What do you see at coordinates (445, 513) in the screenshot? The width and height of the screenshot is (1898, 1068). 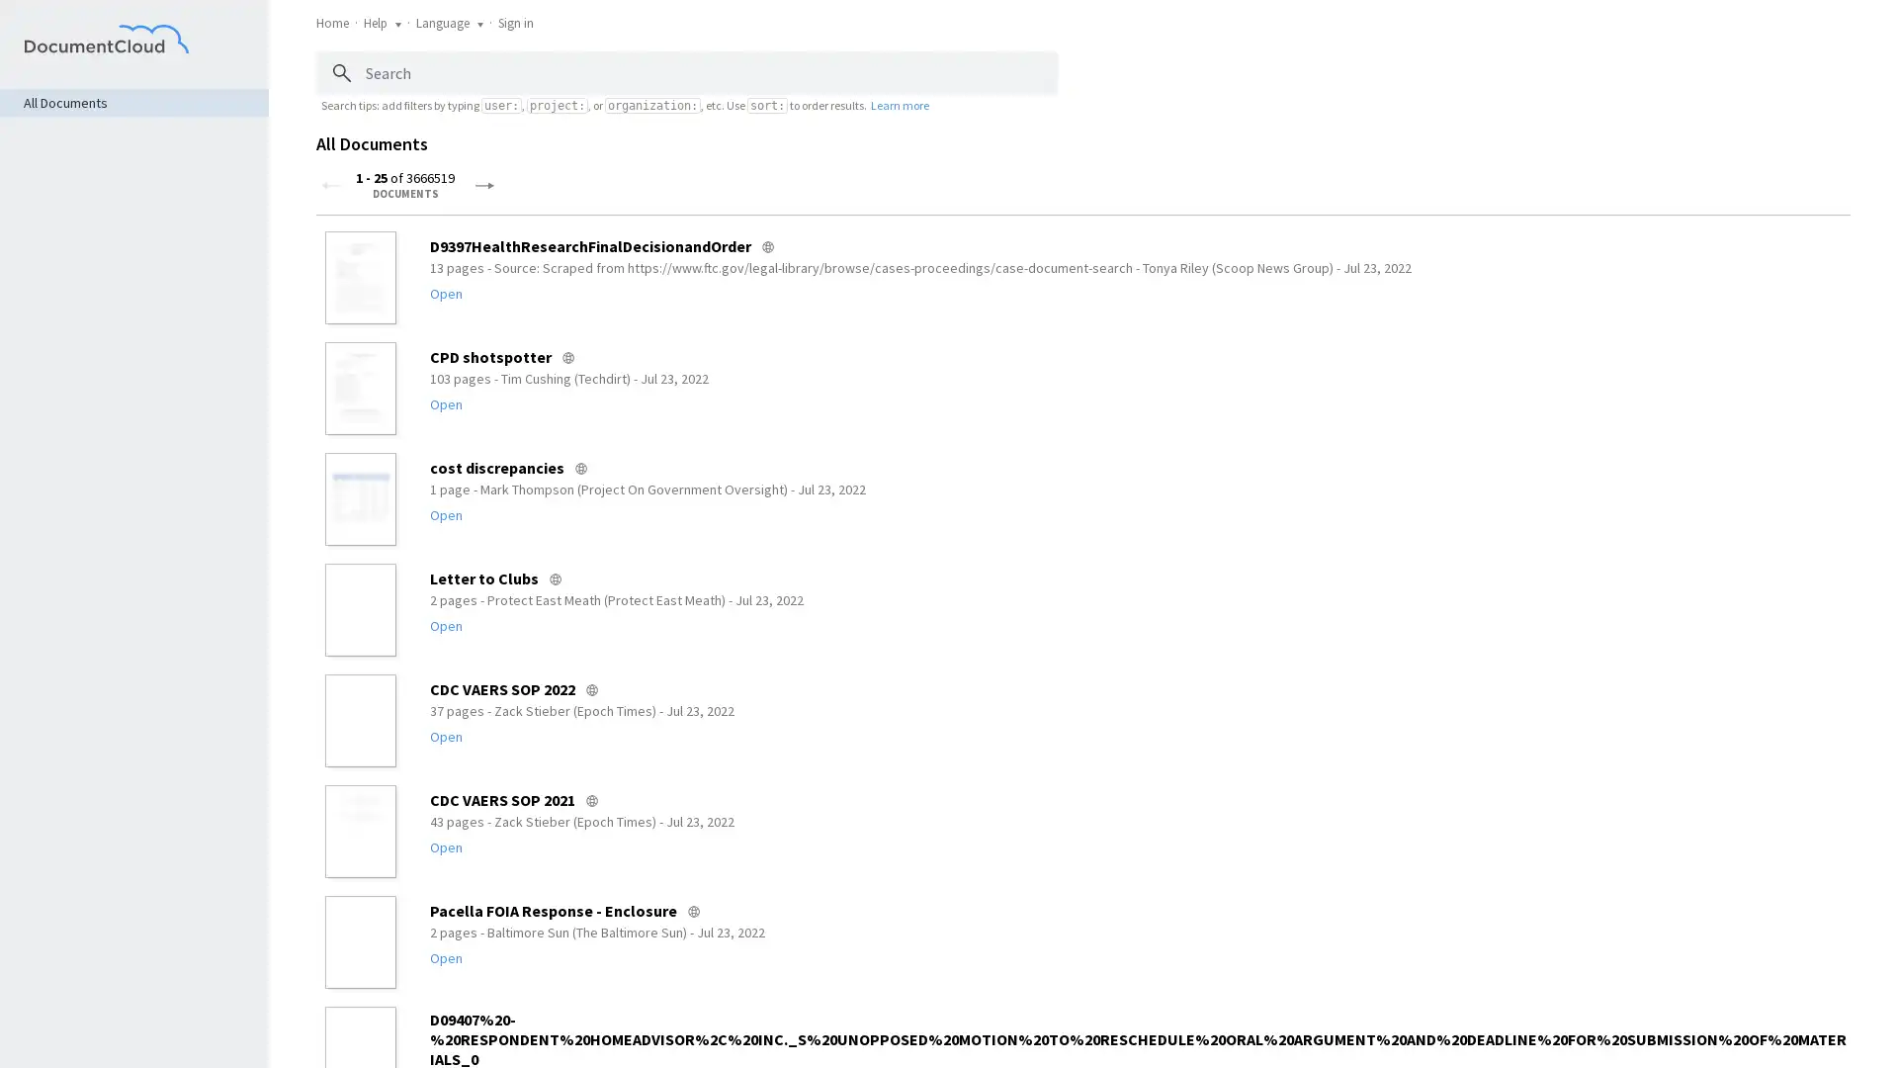 I see `Open` at bounding box center [445, 513].